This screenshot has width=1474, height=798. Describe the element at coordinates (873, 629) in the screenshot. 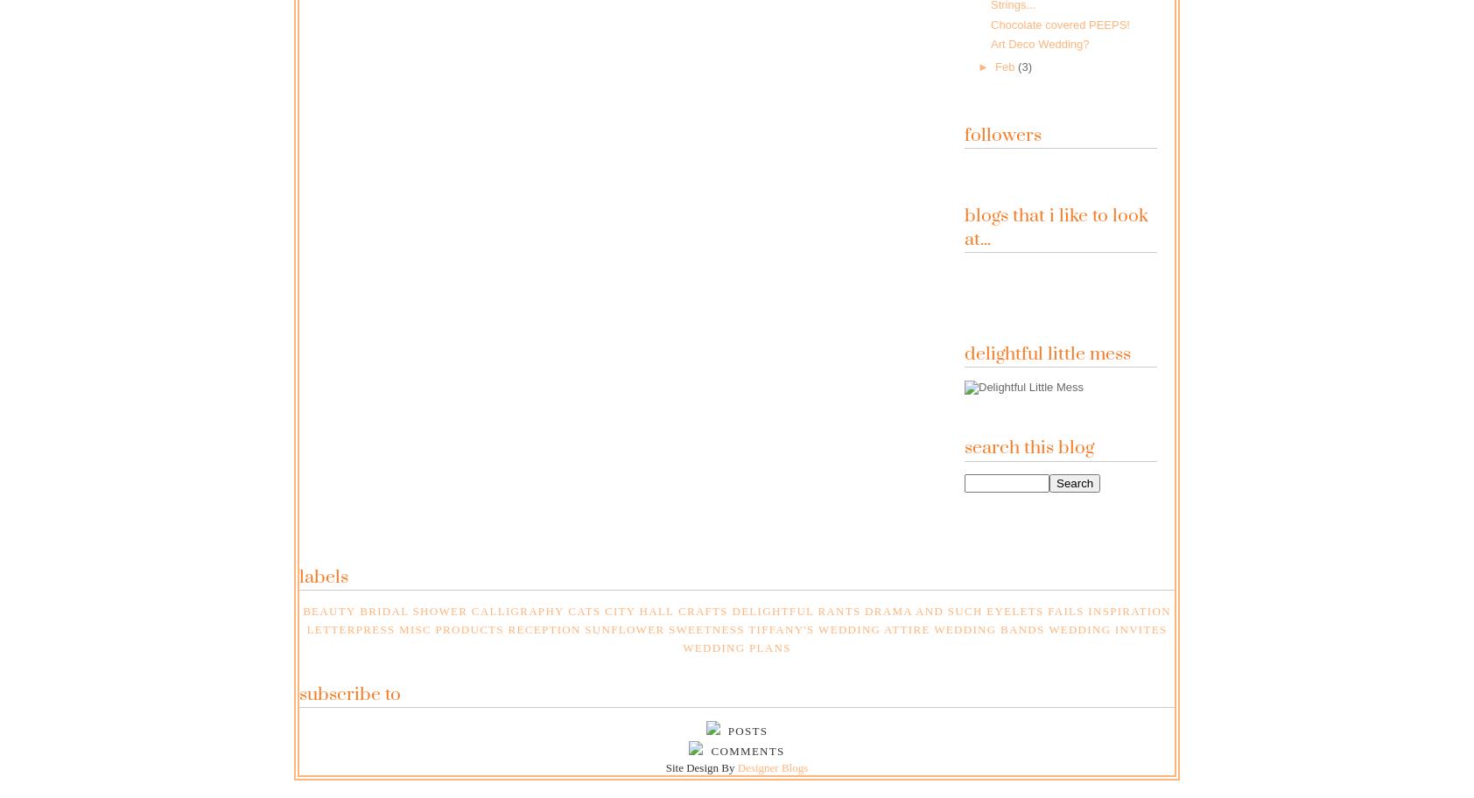

I see `'Wedding Attire'` at that location.